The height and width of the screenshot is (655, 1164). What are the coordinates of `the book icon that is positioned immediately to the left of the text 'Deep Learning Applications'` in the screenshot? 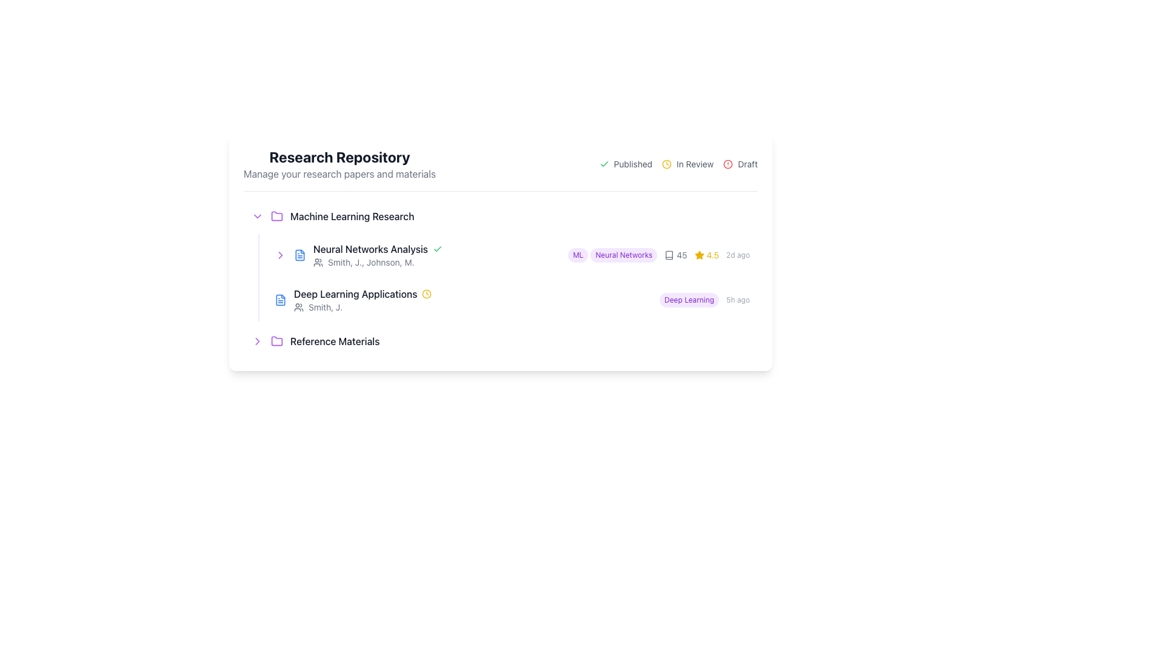 It's located at (669, 254).